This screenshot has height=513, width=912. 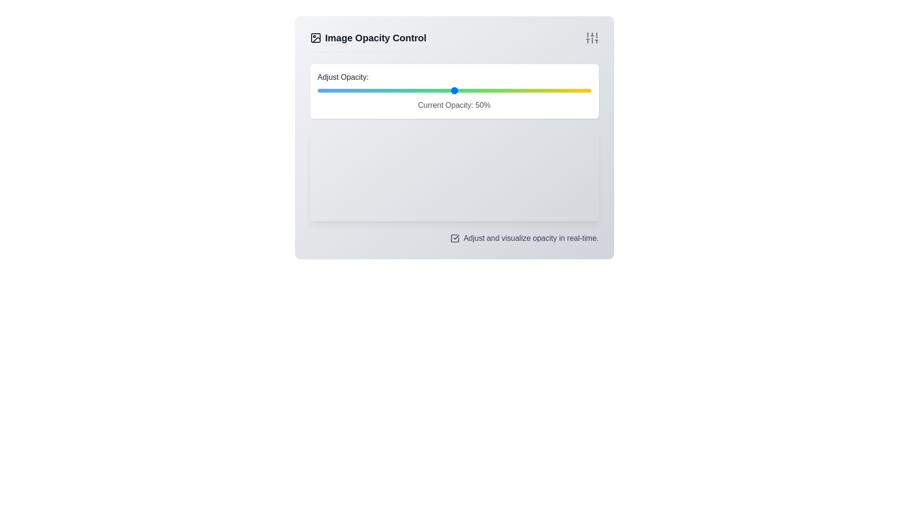 What do you see at coordinates (315, 38) in the screenshot?
I see `the SVG rectangle icon representing image-related options located in the top-left section of the interface, adjacent to the text 'Image Opacity Control'` at bounding box center [315, 38].